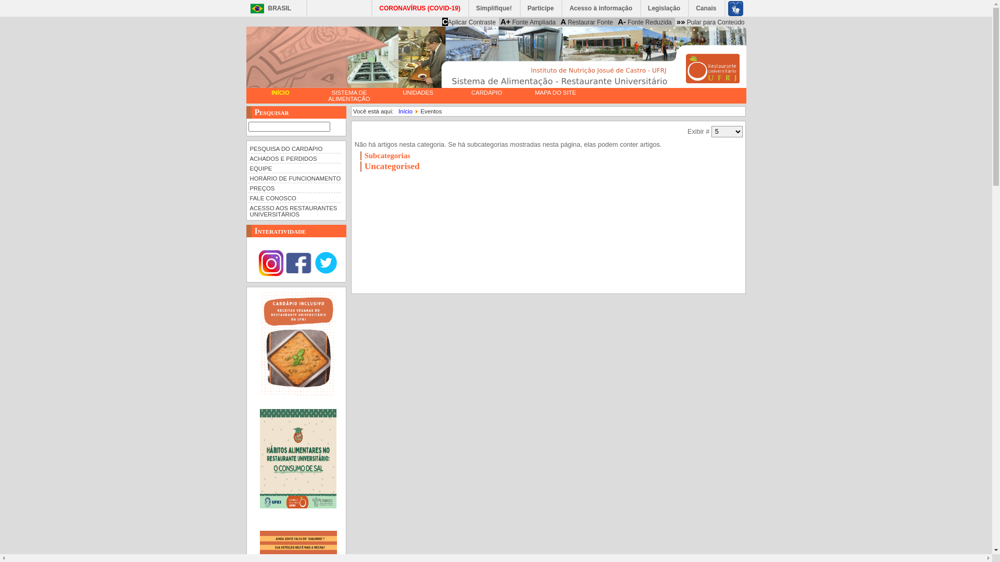  Describe the element at coordinates (247, 167) in the screenshot. I see `'EQUIPE'` at that location.